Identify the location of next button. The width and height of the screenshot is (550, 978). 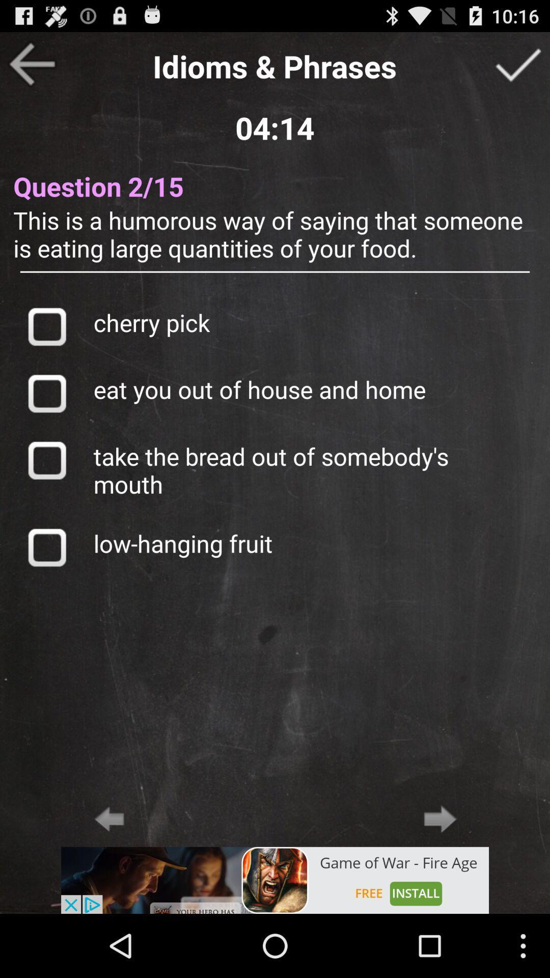
(440, 819).